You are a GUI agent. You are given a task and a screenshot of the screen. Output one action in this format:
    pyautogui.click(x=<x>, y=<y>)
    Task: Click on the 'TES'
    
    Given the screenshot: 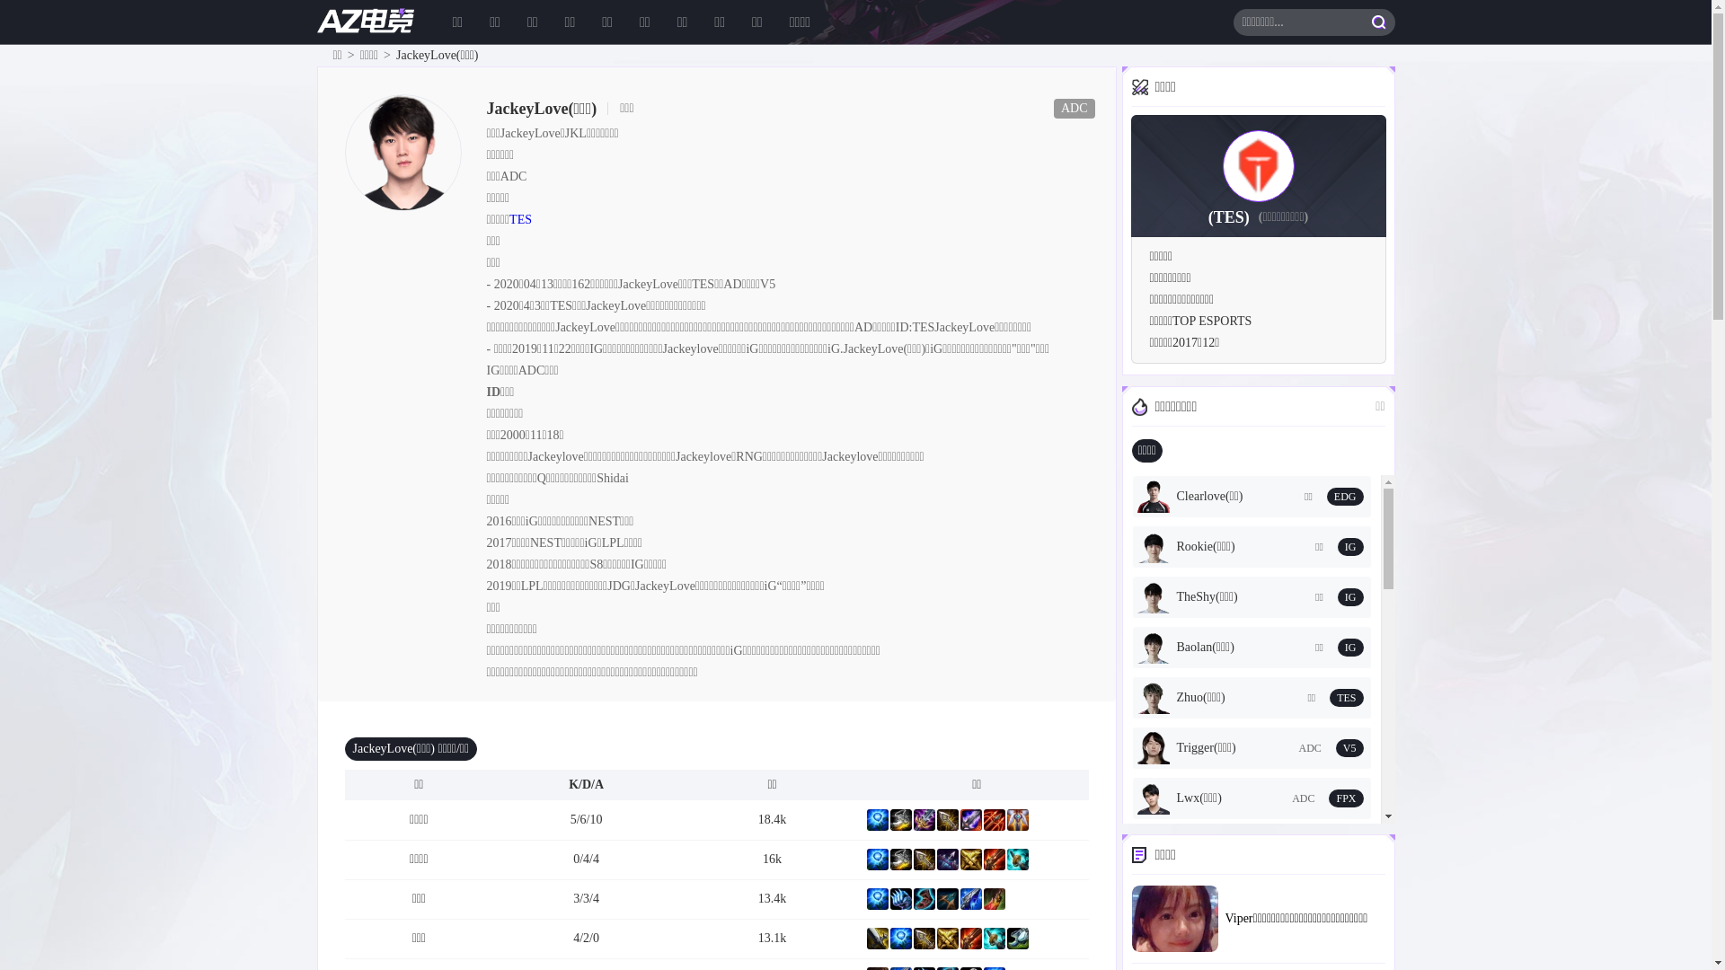 What is the action you would take?
    pyautogui.click(x=519, y=218)
    